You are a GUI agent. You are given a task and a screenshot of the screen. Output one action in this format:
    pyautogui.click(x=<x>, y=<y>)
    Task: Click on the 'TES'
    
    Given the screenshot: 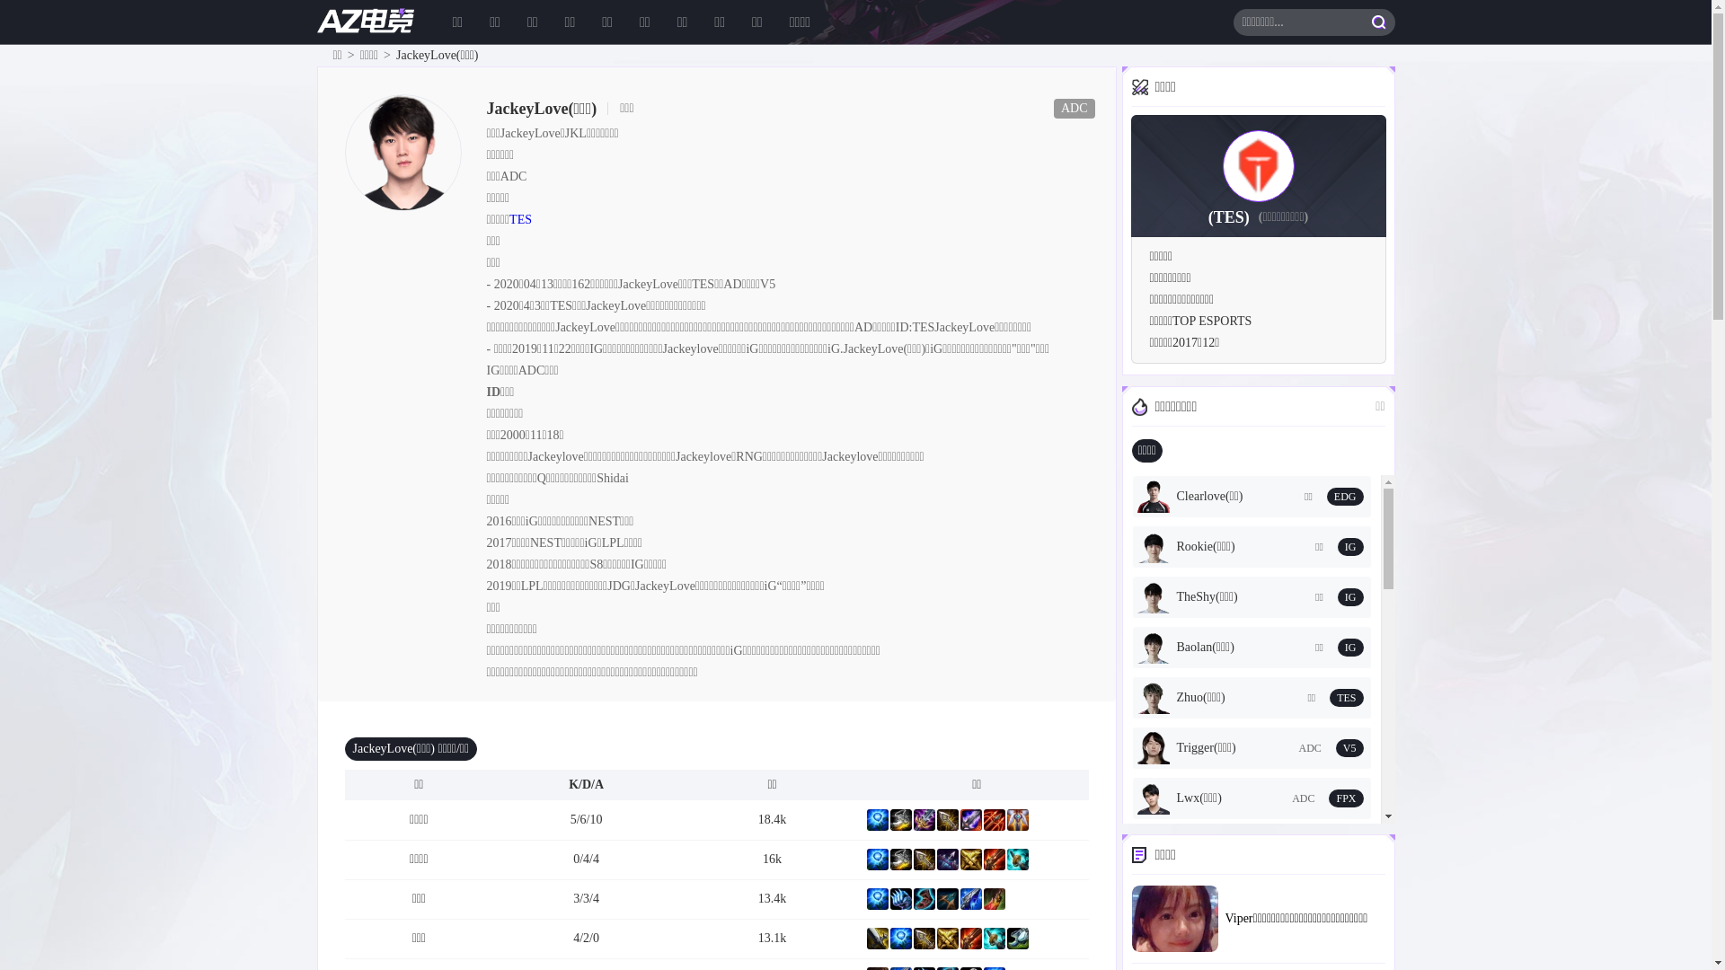 What is the action you would take?
    pyautogui.click(x=519, y=218)
    